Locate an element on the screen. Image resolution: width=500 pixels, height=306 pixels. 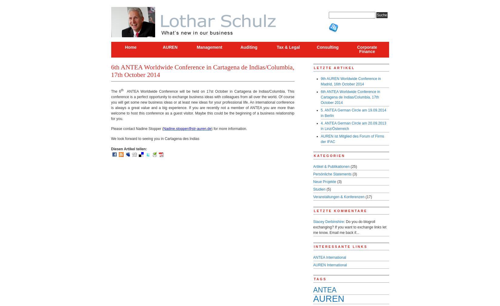
'AUREN International' is located at coordinates (330, 264).